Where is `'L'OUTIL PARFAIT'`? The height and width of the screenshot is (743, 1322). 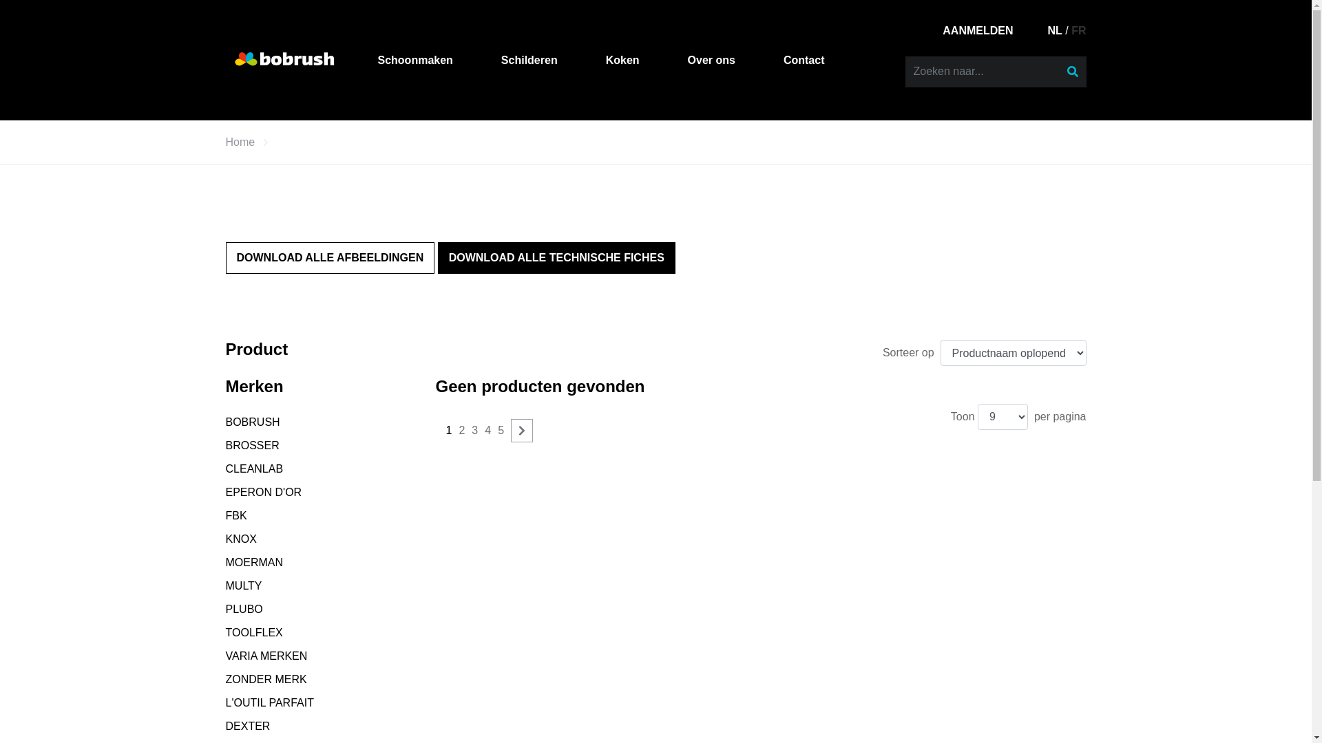
'L'OUTIL PARFAIT' is located at coordinates (270, 703).